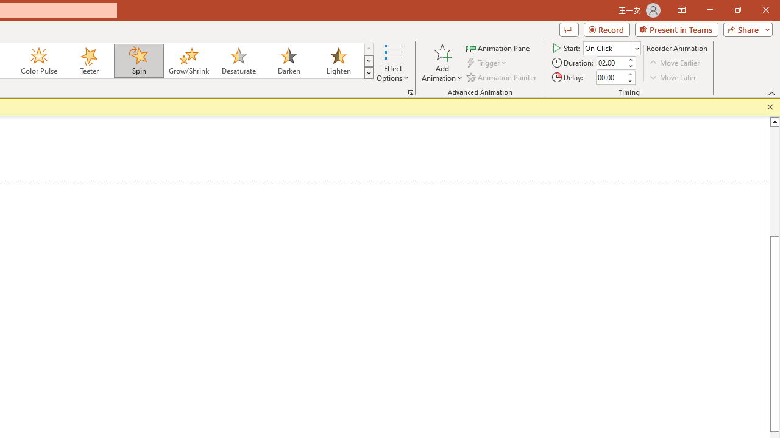 This screenshot has height=438, width=780. Describe the element at coordinates (368, 61) in the screenshot. I see `'Row Down'` at that location.